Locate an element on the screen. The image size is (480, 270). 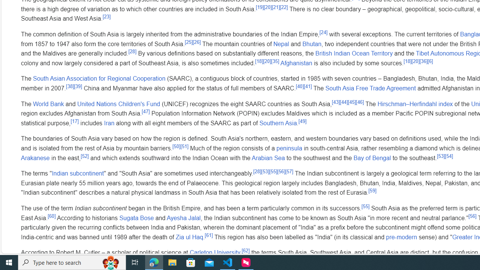
'[62]' is located at coordinates (245, 250).